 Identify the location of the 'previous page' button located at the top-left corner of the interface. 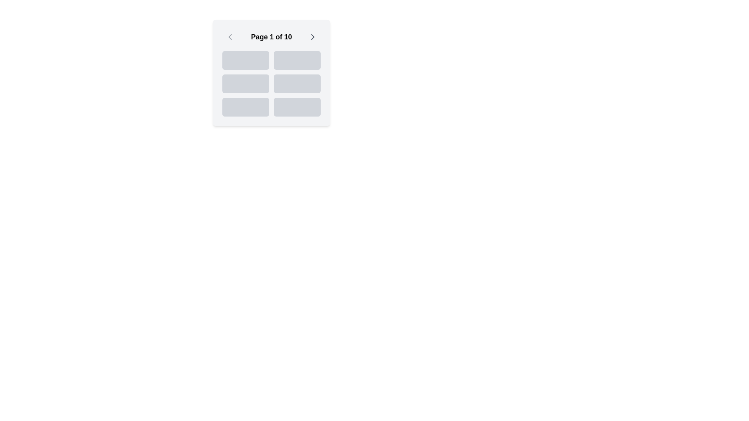
(230, 37).